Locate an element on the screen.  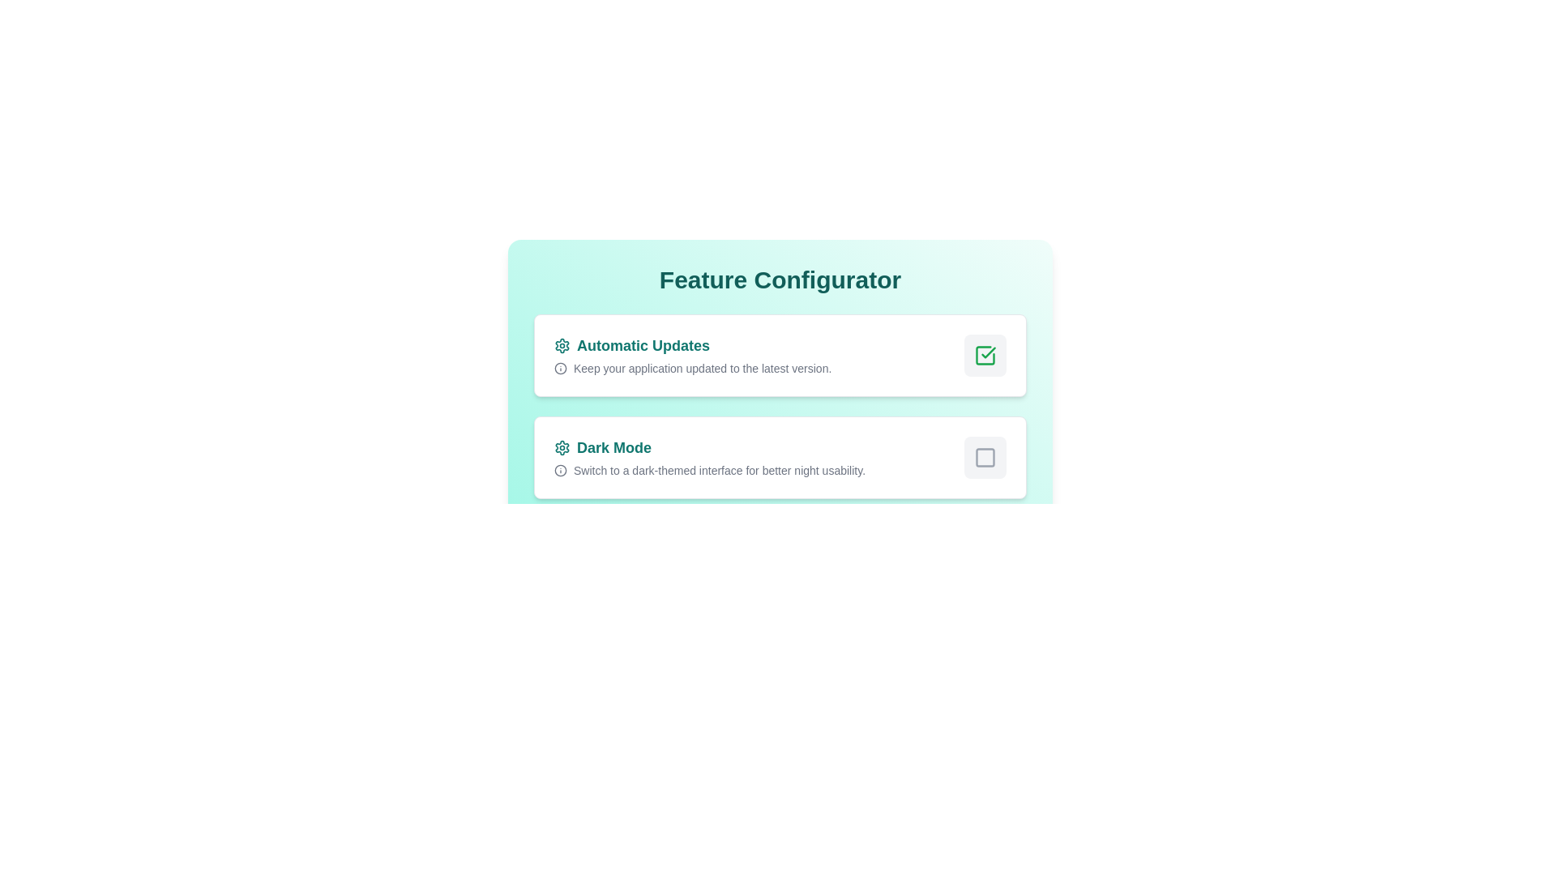
the 'Dark Mode' toggle option checkbox in the 'Feature Configurator' section is located at coordinates (780, 457).